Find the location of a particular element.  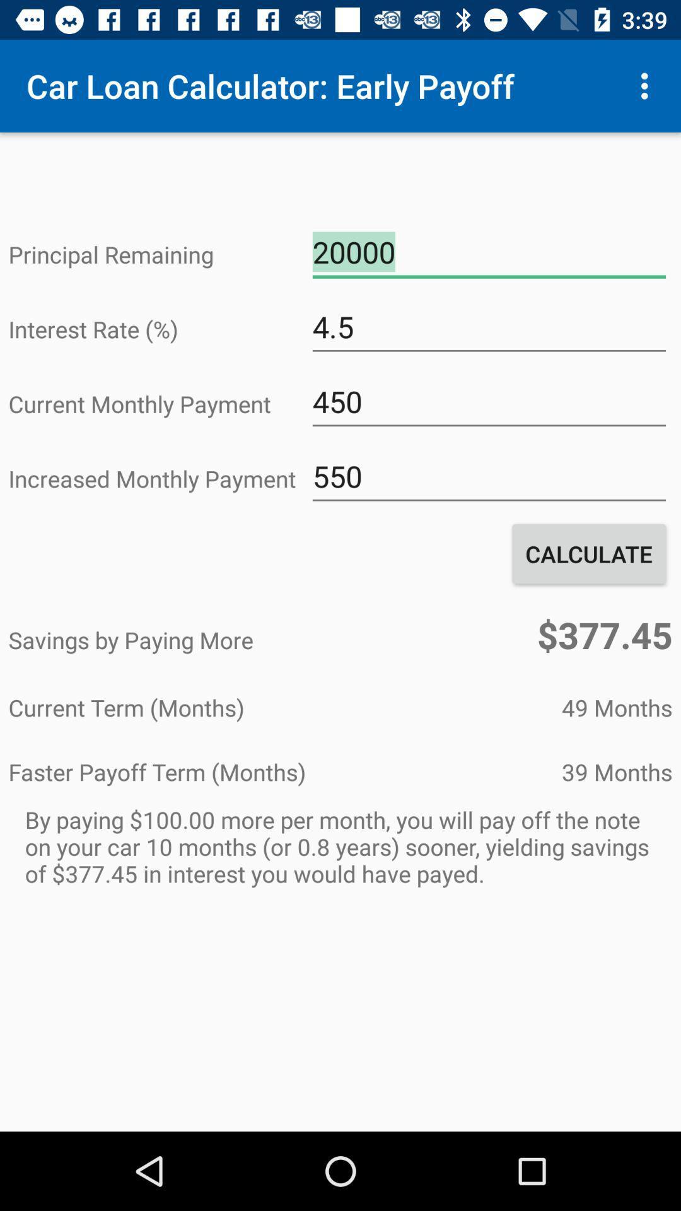

the 4.5 icon is located at coordinates (488, 327).